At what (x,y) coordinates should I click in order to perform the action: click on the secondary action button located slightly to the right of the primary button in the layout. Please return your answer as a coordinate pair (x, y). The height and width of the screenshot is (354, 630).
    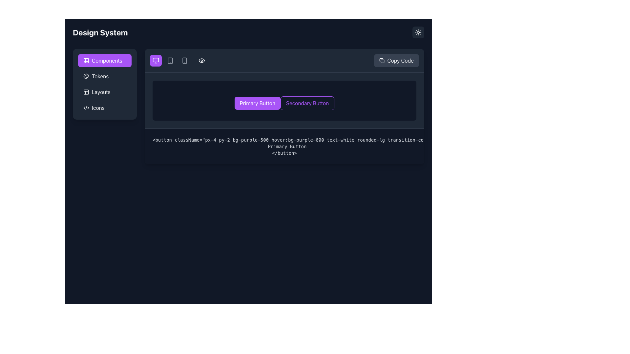
    Looking at the image, I should click on (307, 103).